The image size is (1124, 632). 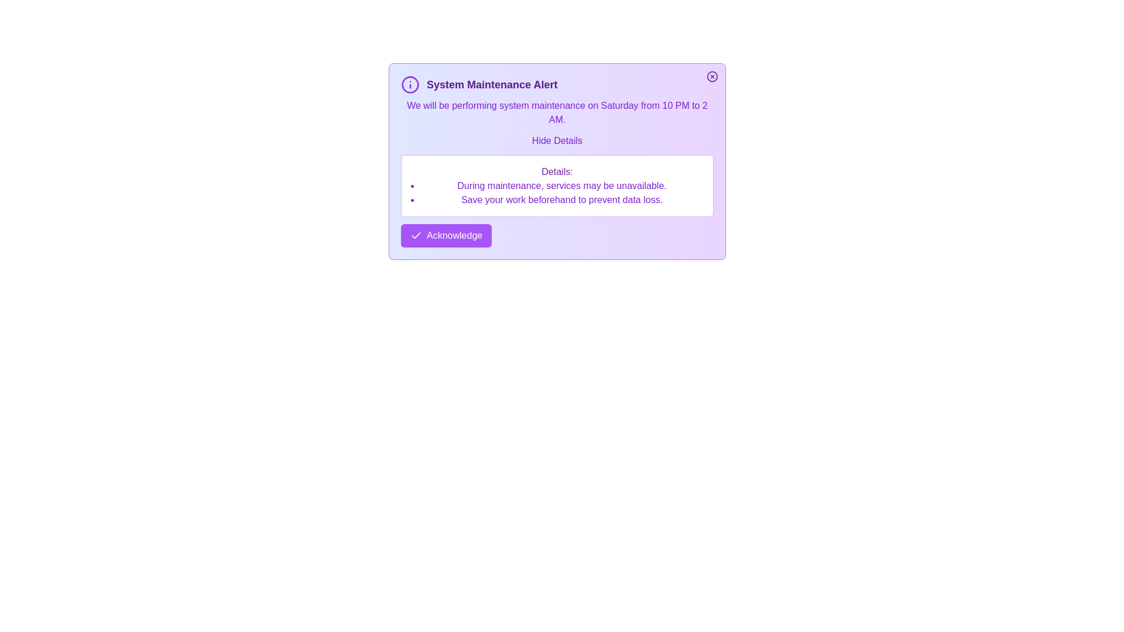 What do you see at coordinates (410, 84) in the screenshot?
I see `the information icon in the alert` at bounding box center [410, 84].